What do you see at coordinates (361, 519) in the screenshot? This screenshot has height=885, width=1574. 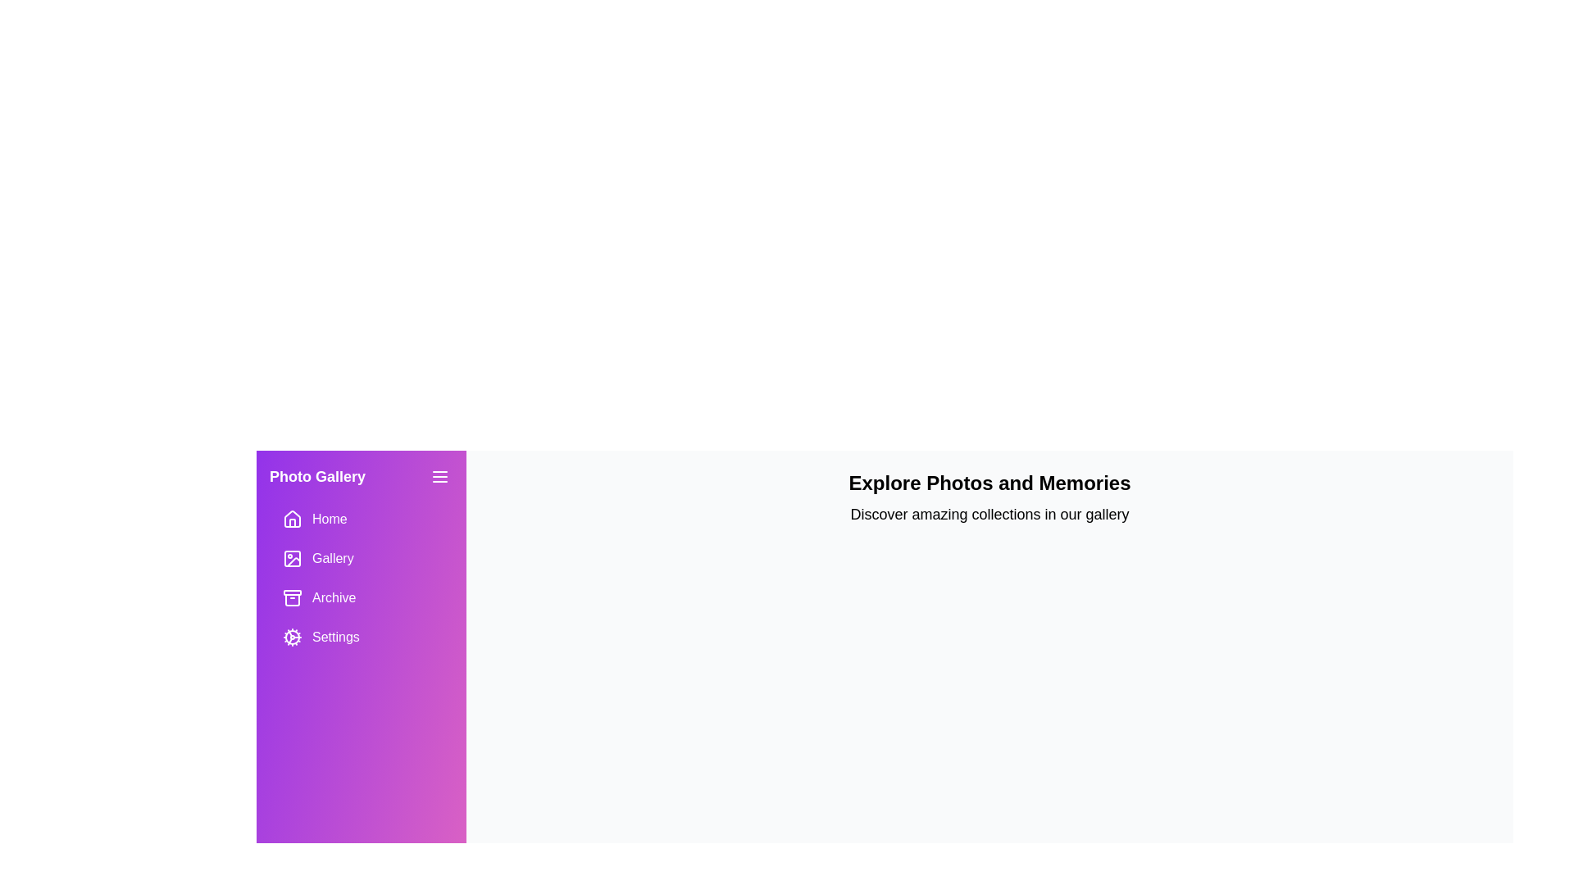 I see `the menu item Home to navigate to its corresponding section` at bounding box center [361, 519].